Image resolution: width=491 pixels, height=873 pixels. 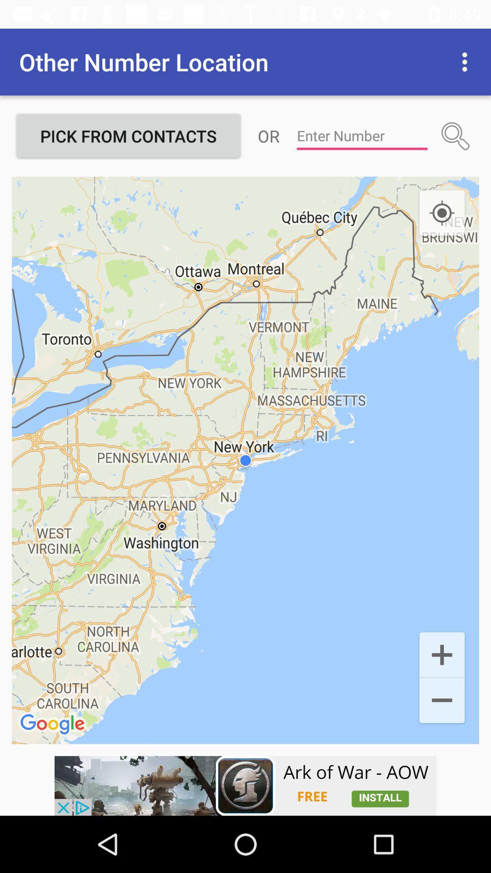 What do you see at coordinates (456, 135) in the screenshot?
I see `the search icon` at bounding box center [456, 135].